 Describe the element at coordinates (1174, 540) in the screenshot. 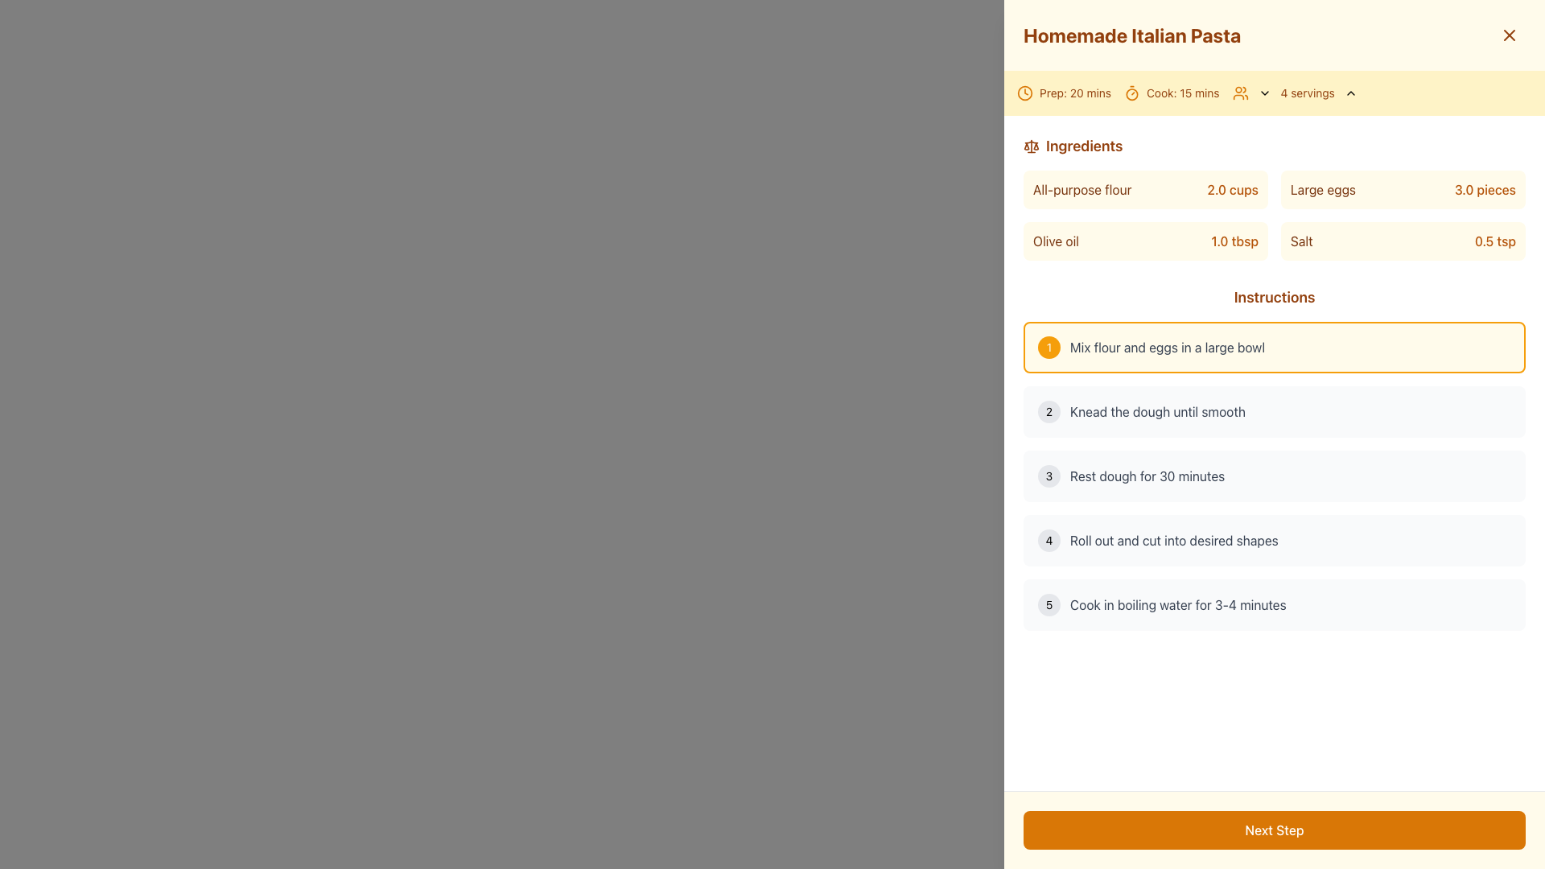

I see `the text label that says 'Roll out and cut into desired shapes', which is styled in gray and is the fourth item in the vertical list under the 'Instructions' section` at that location.